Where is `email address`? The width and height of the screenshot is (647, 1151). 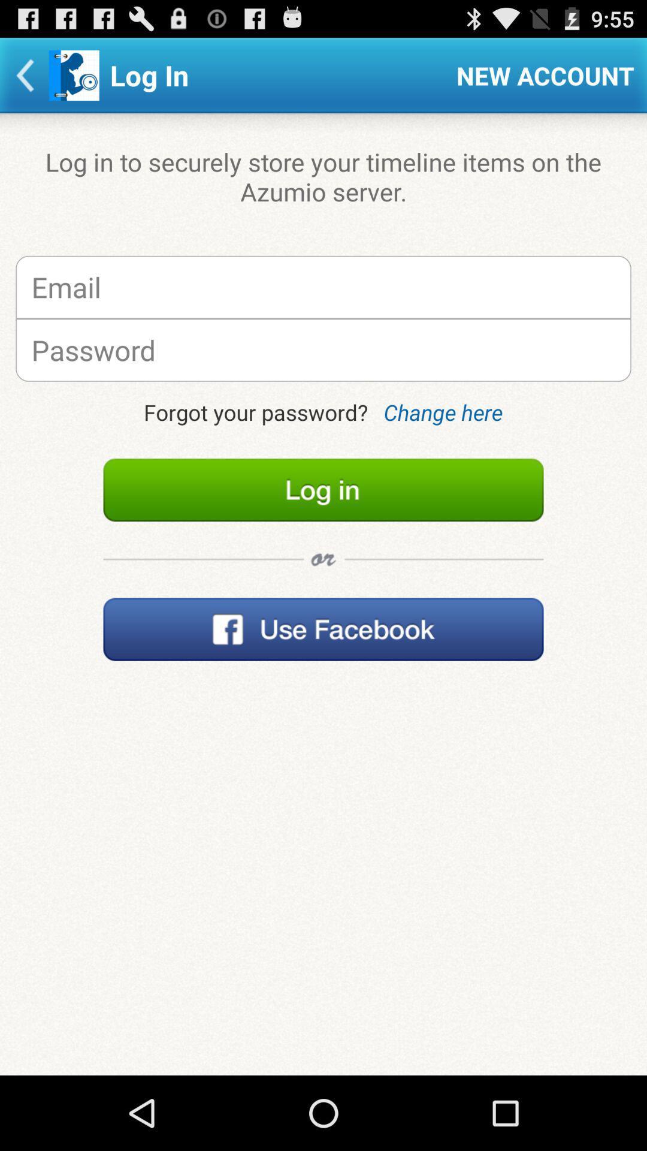
email address is located at coordinates (323, 287).